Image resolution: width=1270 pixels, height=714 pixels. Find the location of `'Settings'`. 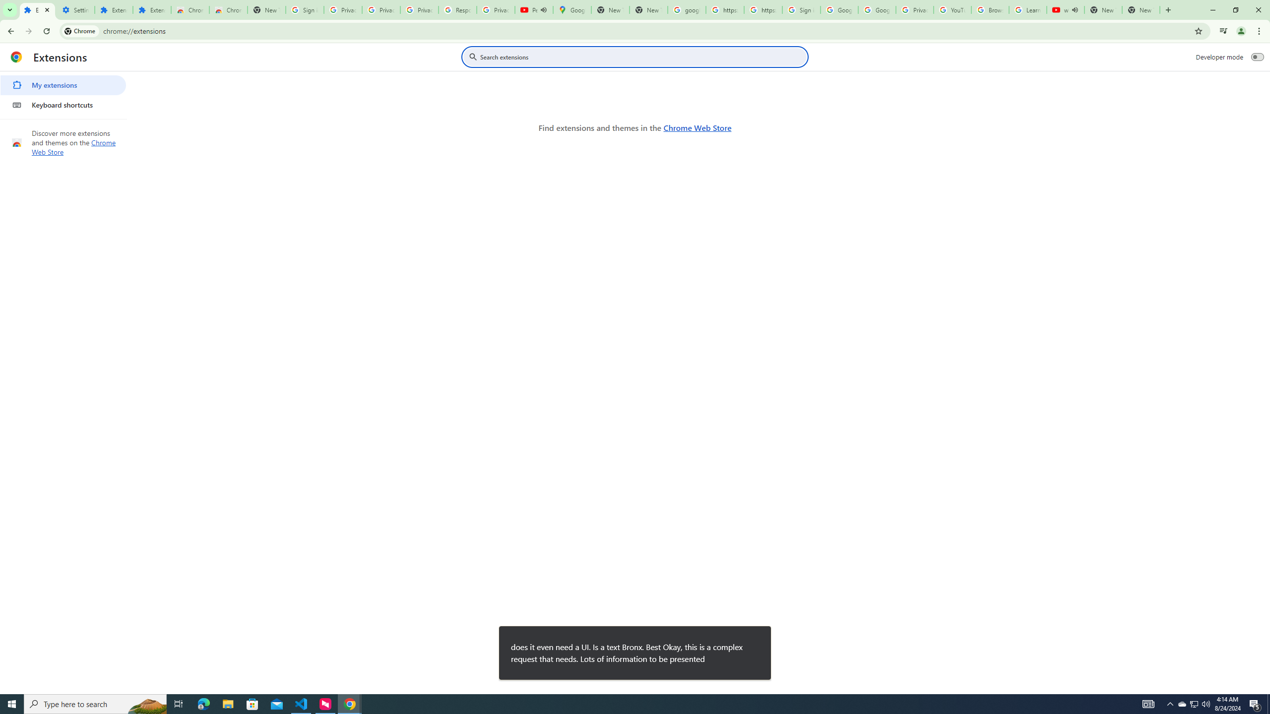

'Settings' is located at coordinates (75, 9).